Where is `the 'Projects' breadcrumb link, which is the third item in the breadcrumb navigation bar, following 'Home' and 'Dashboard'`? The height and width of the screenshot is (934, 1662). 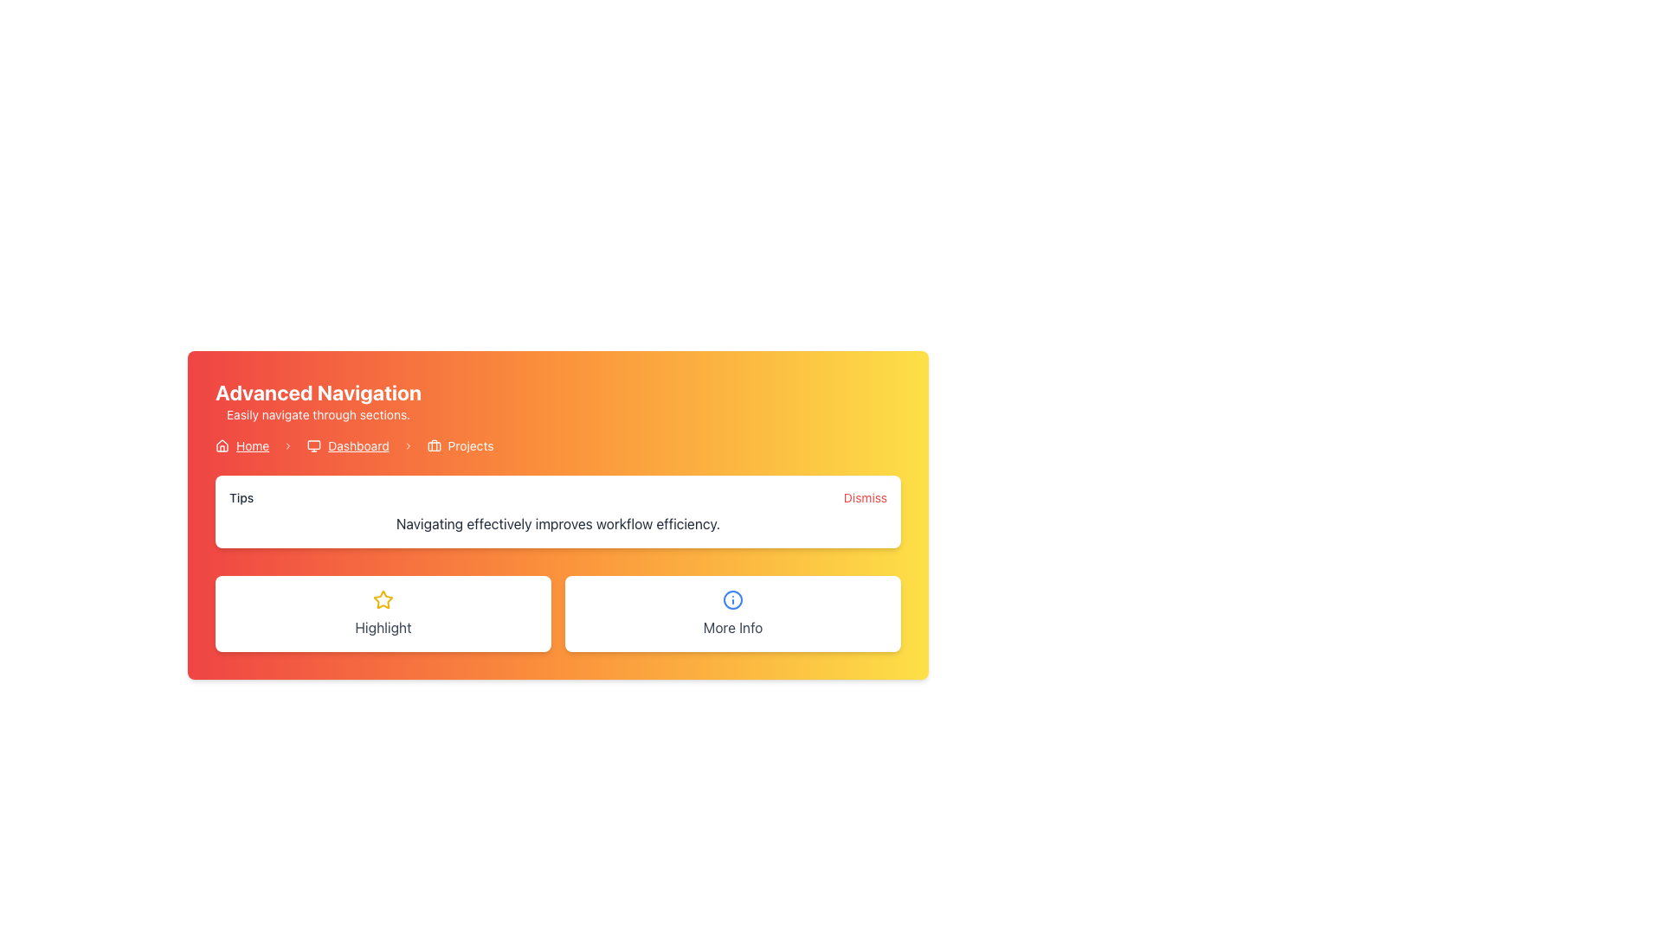 the 'Projects' breadcrumb link, which is the third item in the breadcrumb navigation bar, following 'Home' and 'Dashboard' is located at coordinates (461, 445).